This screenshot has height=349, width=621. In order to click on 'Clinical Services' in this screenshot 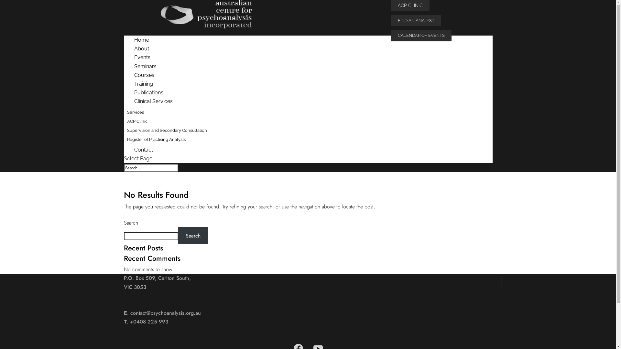, I will do `click(153, 101)`.